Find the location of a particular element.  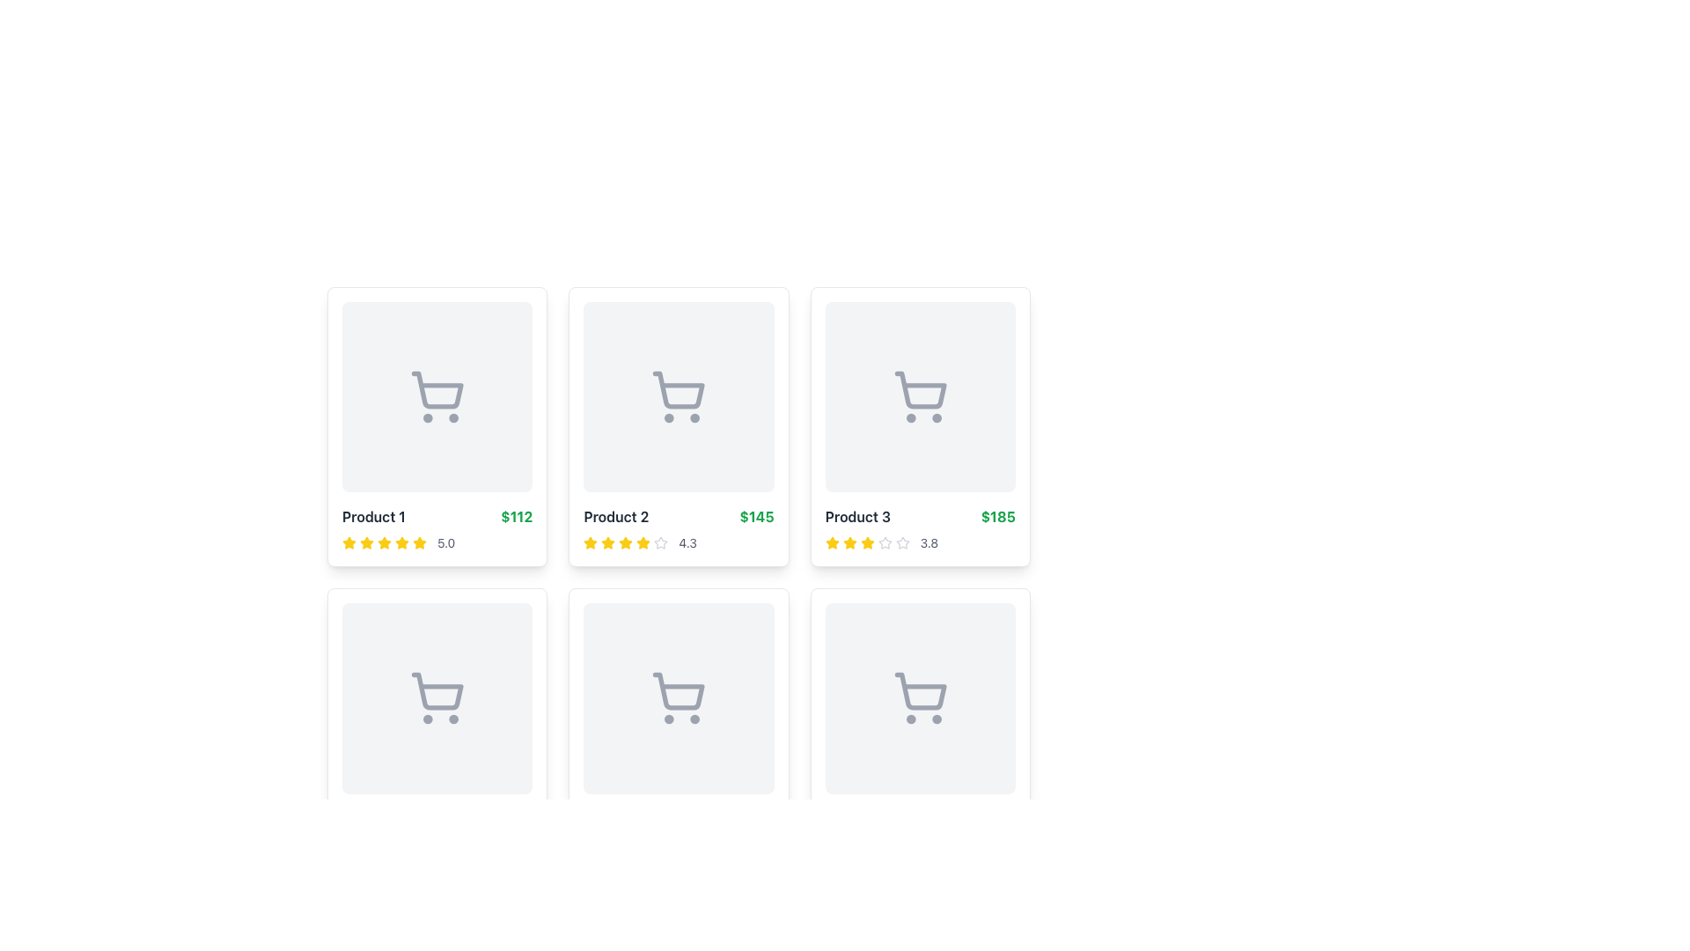

the first yellow star icon in the rating component for 'Product 1' is located at coordinates (349, 542).